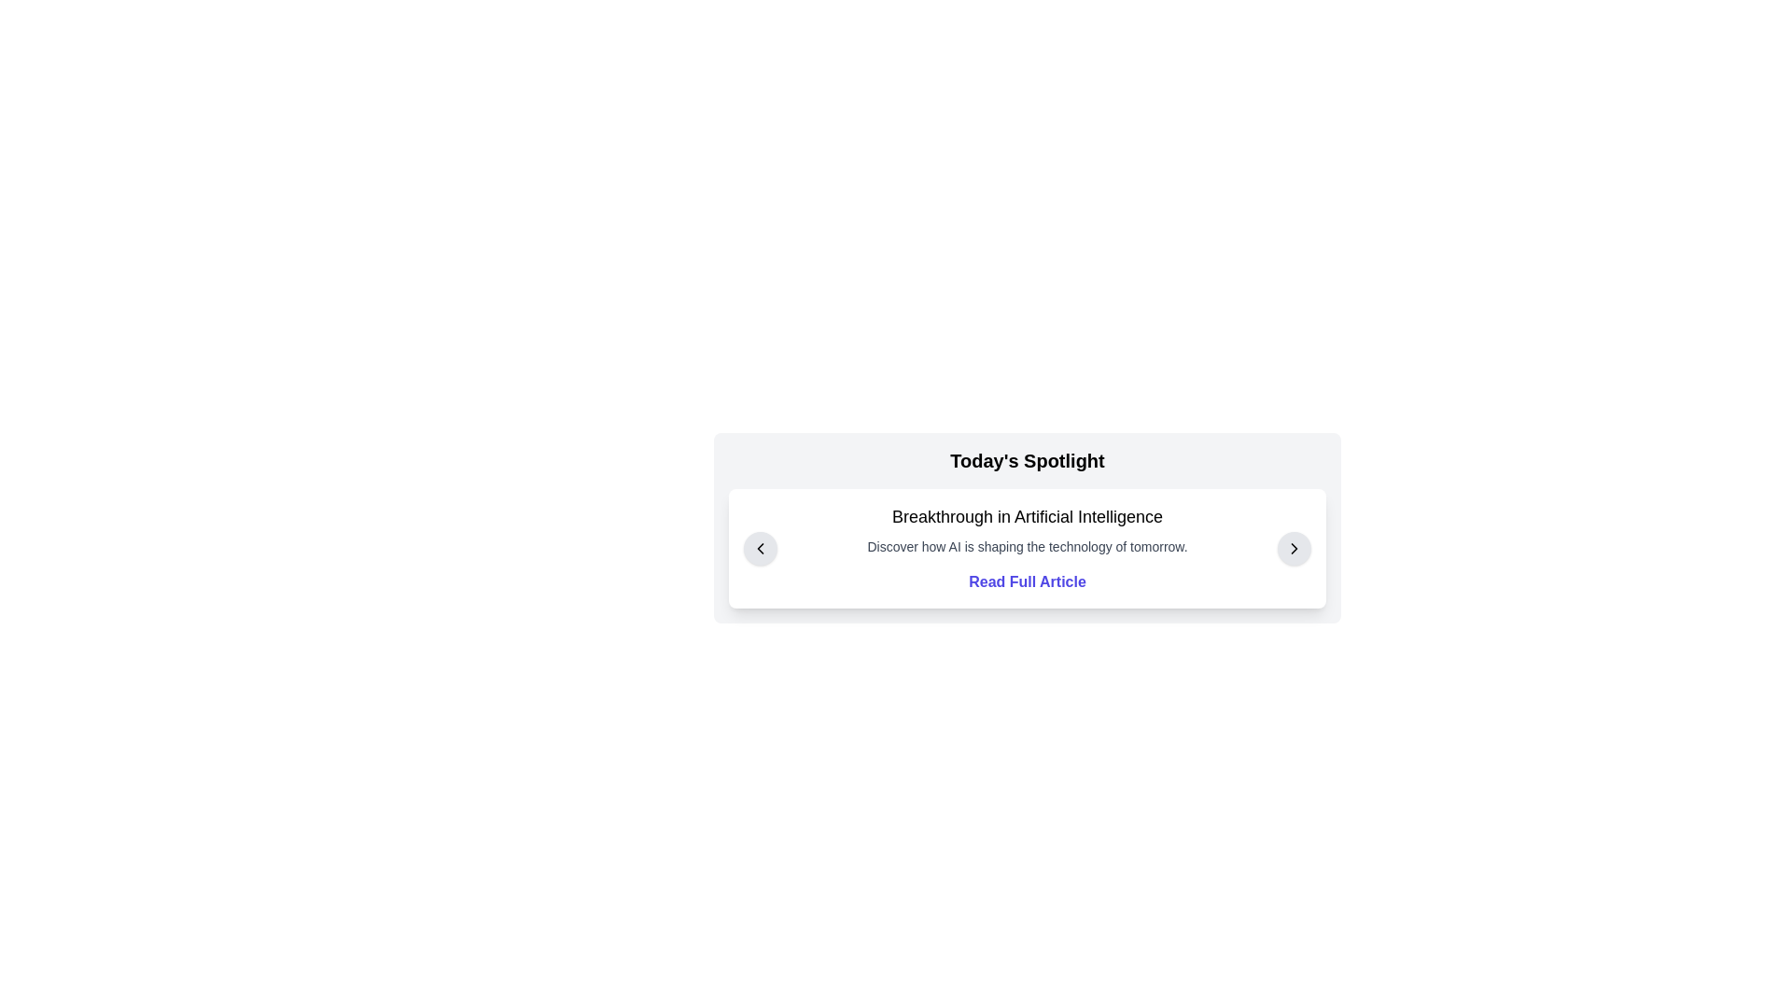  I want to click on the circular button with a gray background and a right-pointing chevron icon, so click(1294, 547).